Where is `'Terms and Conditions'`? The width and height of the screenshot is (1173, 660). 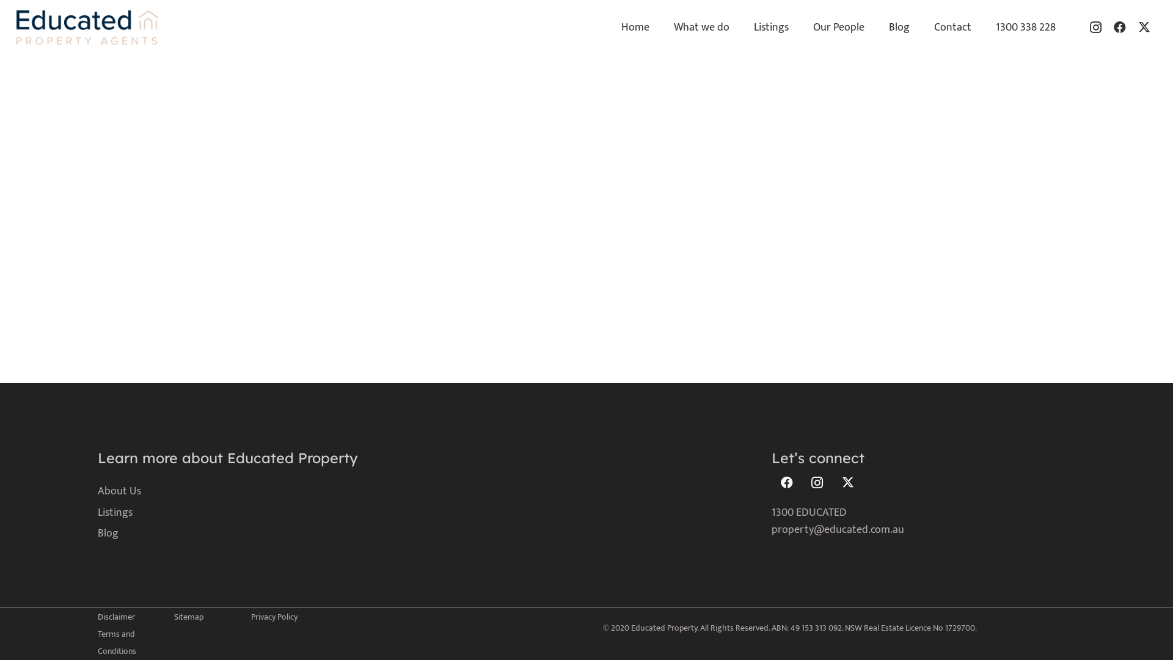
'Terms and Conditions' is located at coordinates (117, 642).